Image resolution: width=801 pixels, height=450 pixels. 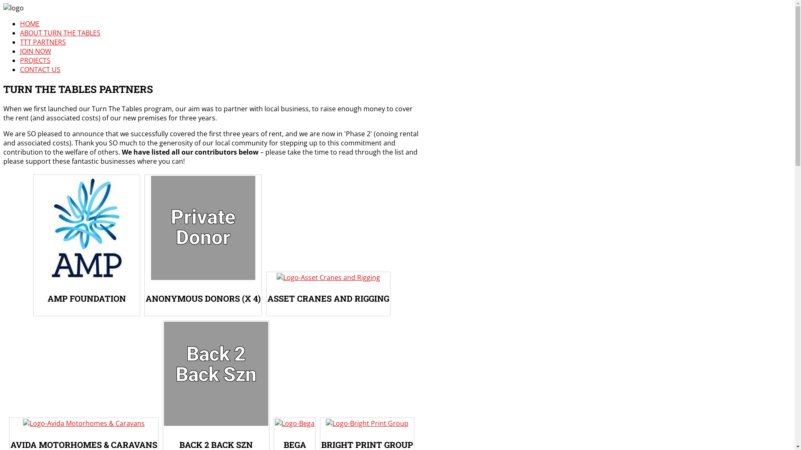 What do you see at coordinates (35, 60) in the screenshot?
I see `'PROJECTS'` at bounding box center [35, 60].